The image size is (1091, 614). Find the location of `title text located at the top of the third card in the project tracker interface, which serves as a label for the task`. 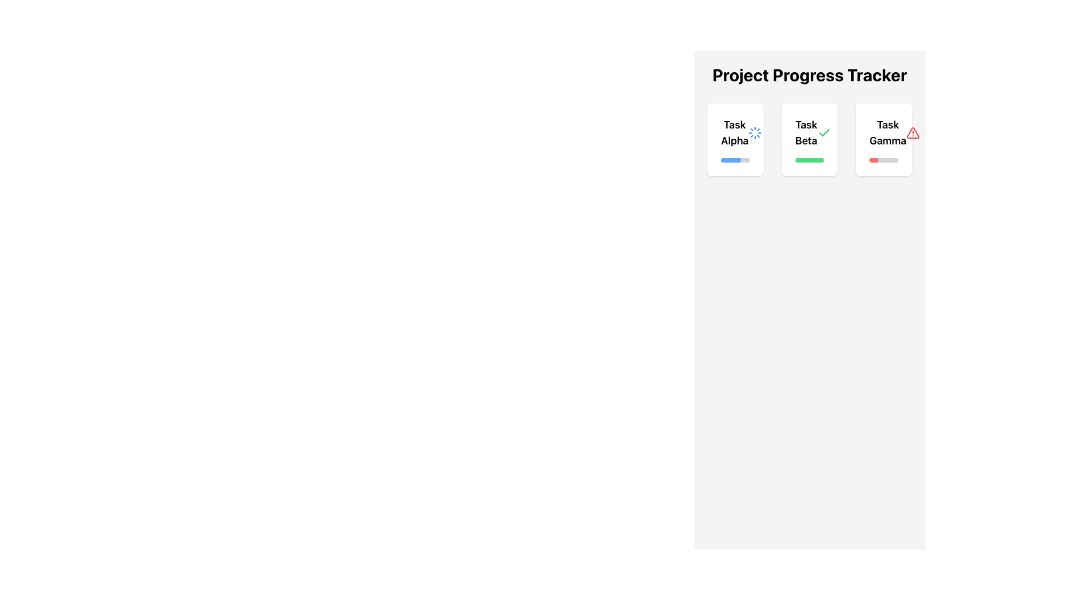

title text located at the top of the third card in the project tracker interface, which serves as a label for the task is located at coordinates (887, 132).